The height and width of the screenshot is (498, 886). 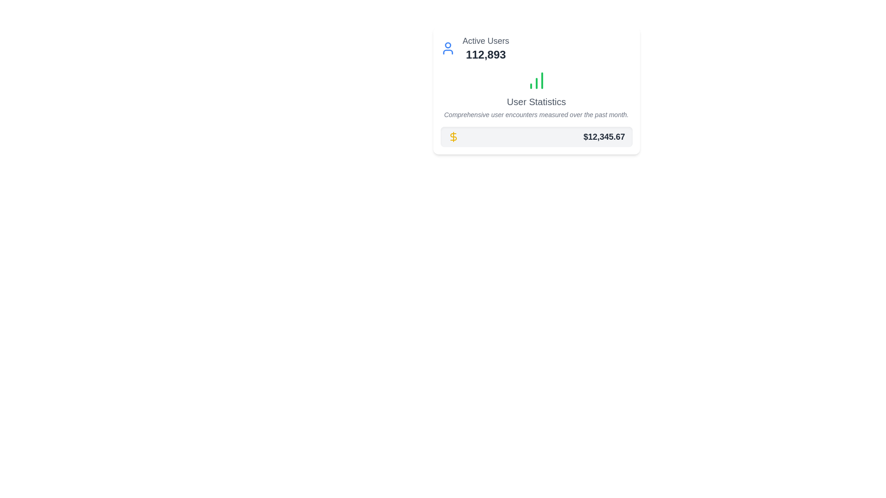 What do you see at coordinates (448, 48) in the screenshot?
I see `the decorative user profile icon located to the left of the 'Active Users 112,893' text within the rectangular card layout` at bounding box center [448, 48].